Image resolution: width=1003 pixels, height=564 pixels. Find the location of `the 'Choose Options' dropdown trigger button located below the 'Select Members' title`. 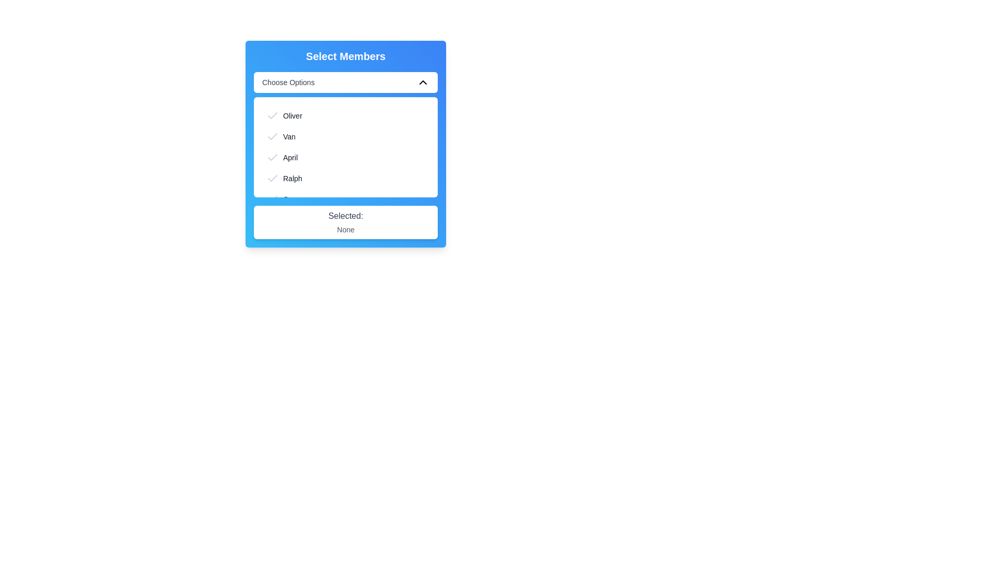

the 'Choose Options' dropdown trigger button located below the 'Select Members' title is located at coordinates (346, 82).